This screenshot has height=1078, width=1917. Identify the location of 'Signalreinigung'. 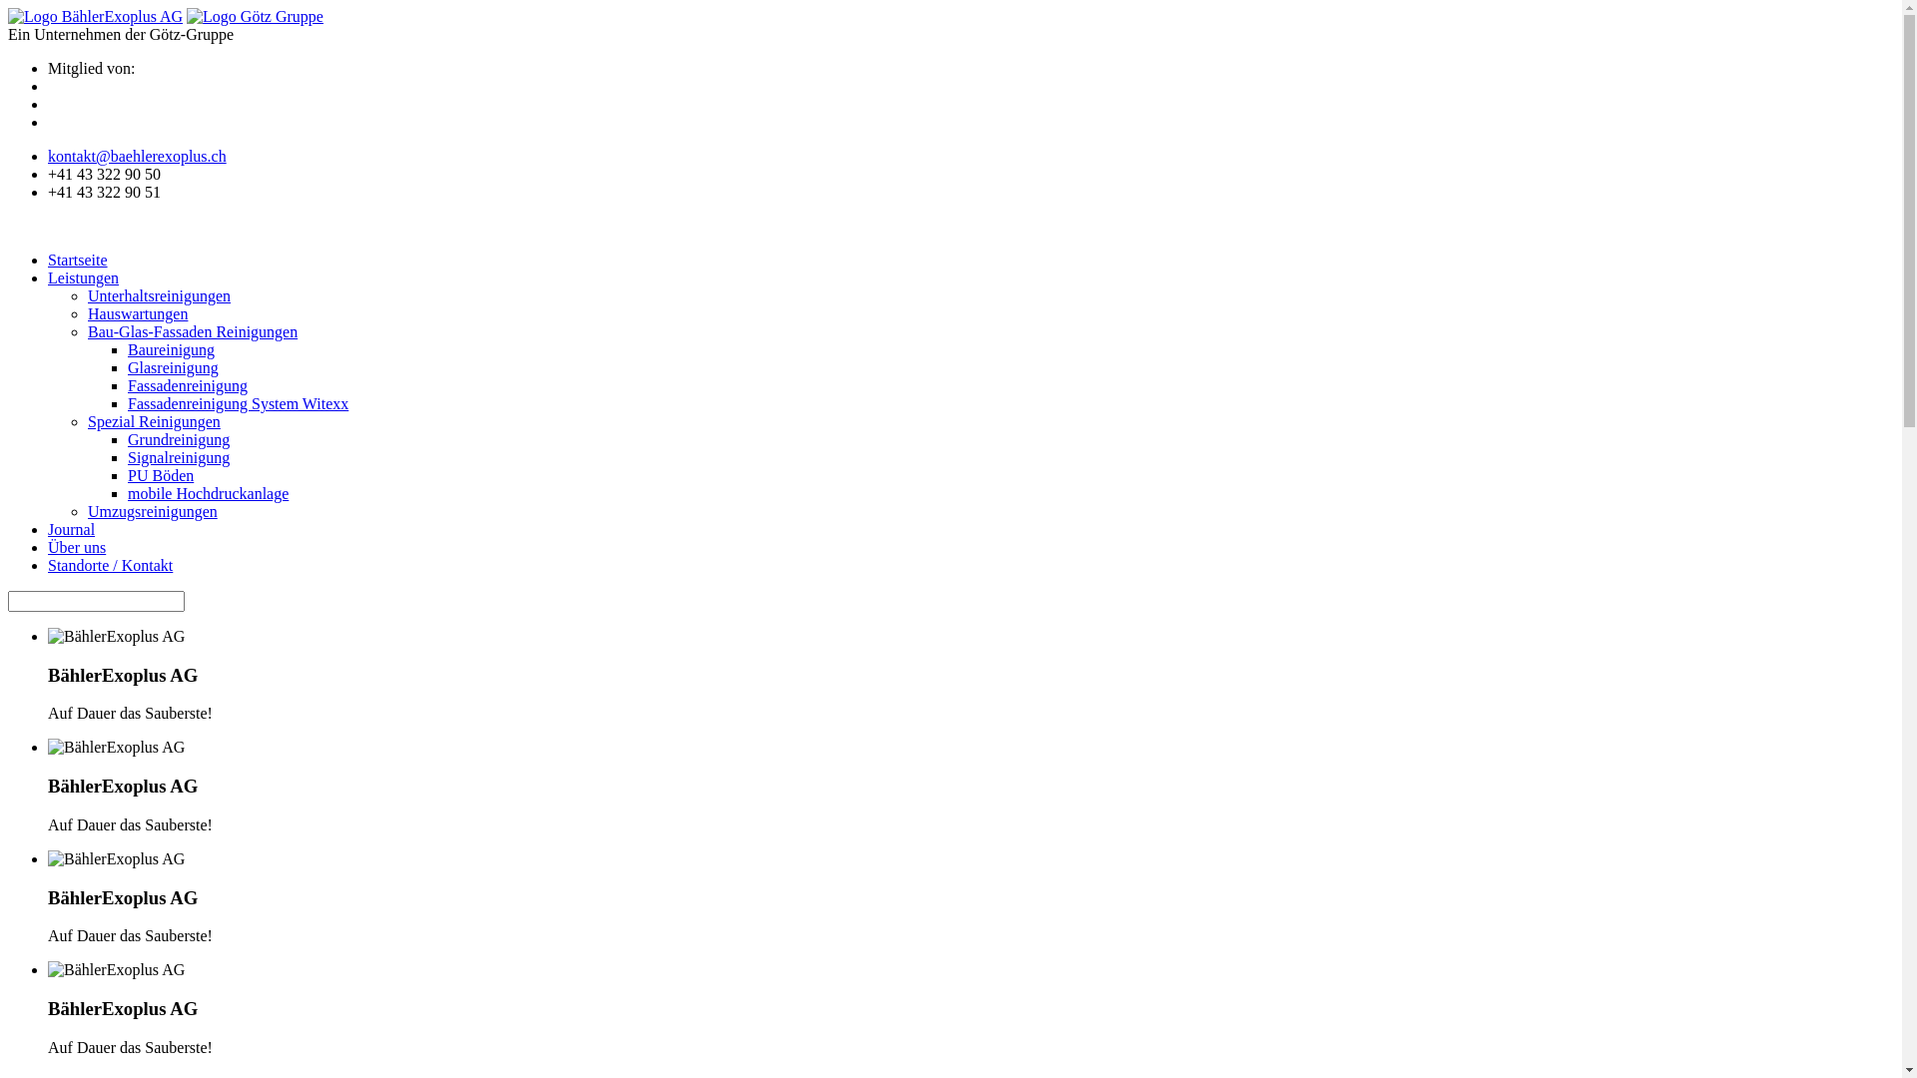
(178, 457).